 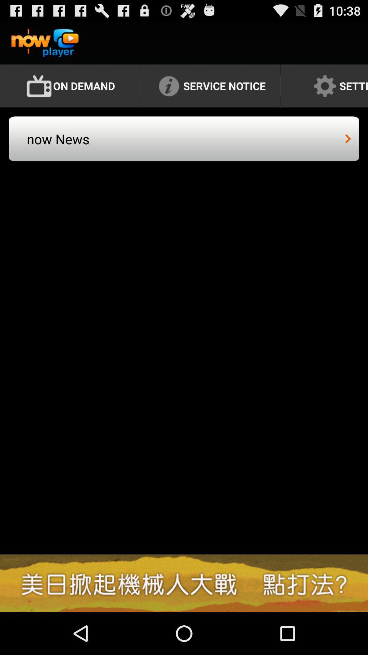 I want to click on the icon to the right of the now news item, so click(x=348, y=138).